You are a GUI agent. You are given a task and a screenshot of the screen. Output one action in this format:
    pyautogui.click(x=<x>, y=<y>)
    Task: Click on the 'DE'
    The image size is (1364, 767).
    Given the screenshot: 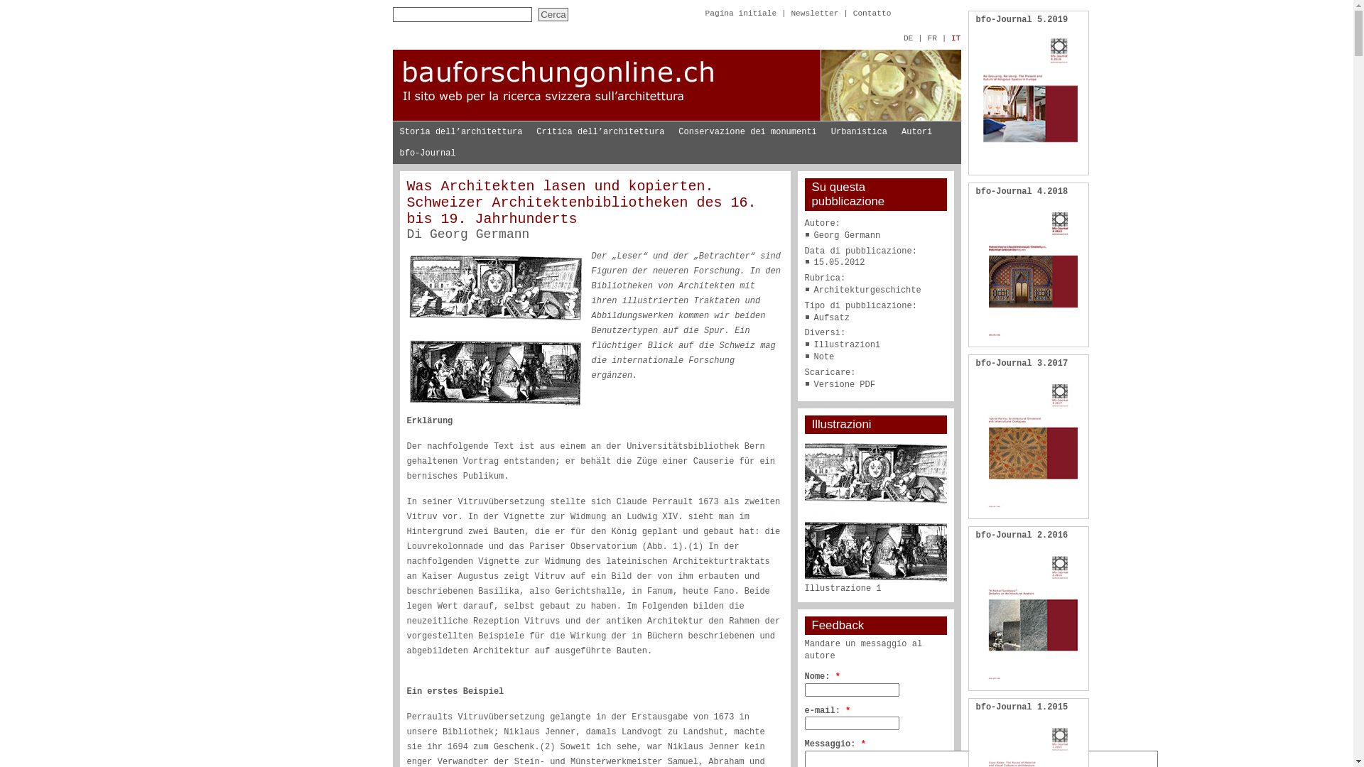 What is the action you would take?
    pyautogui.click(x=907, y=38)
    